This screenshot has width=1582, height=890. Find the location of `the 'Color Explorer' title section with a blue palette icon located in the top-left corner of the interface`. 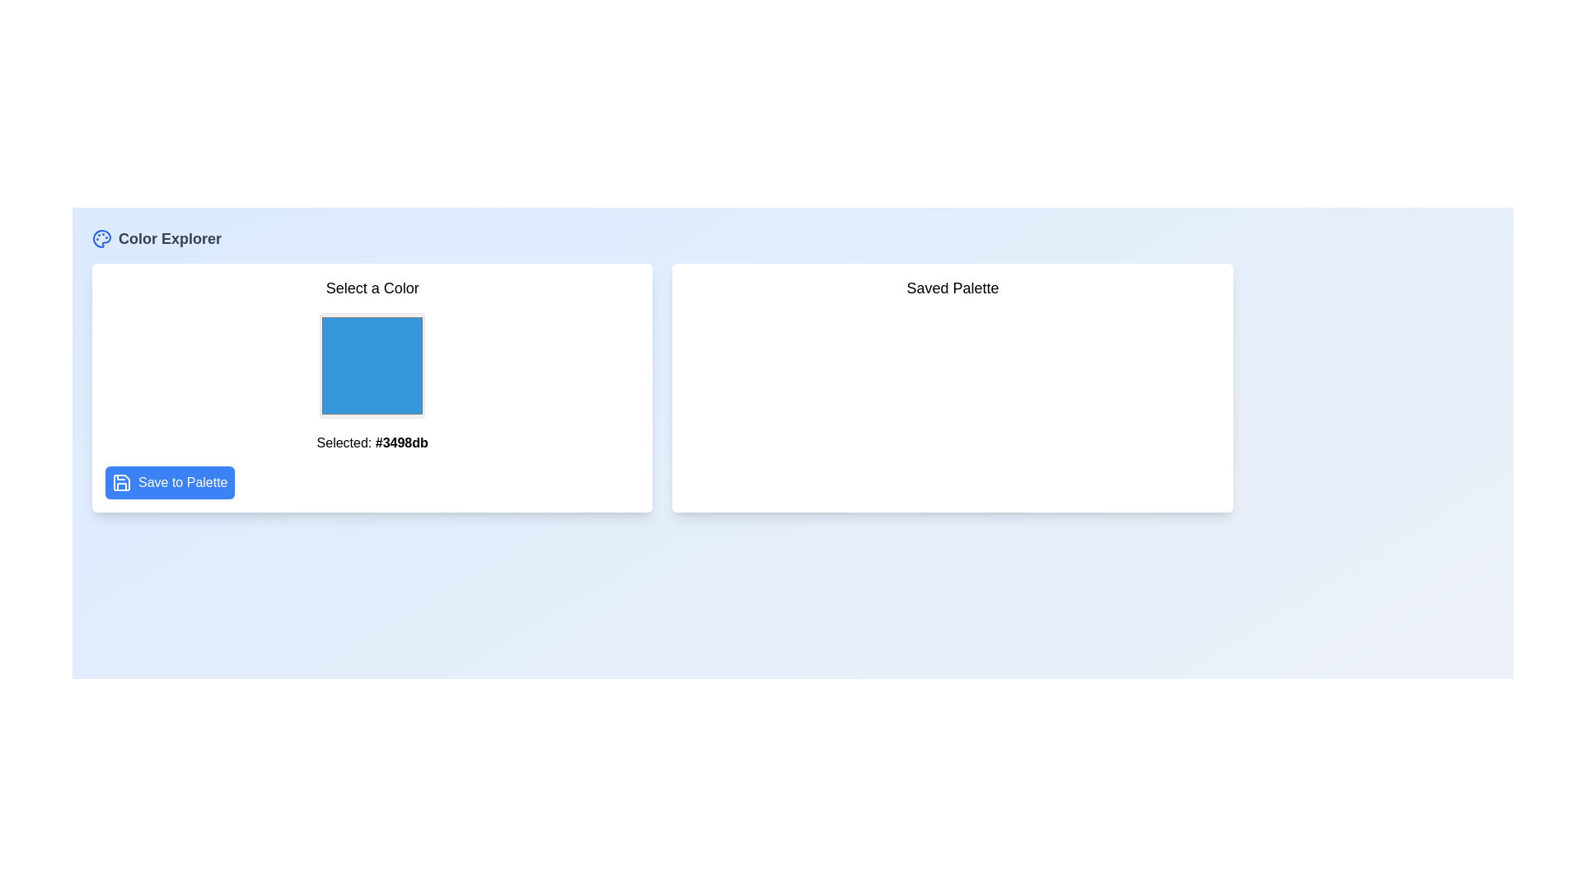

the 'Color Explorer' title section with a blue palette icon located in the top-left corner of the interface is located at coordinates (157, 238).